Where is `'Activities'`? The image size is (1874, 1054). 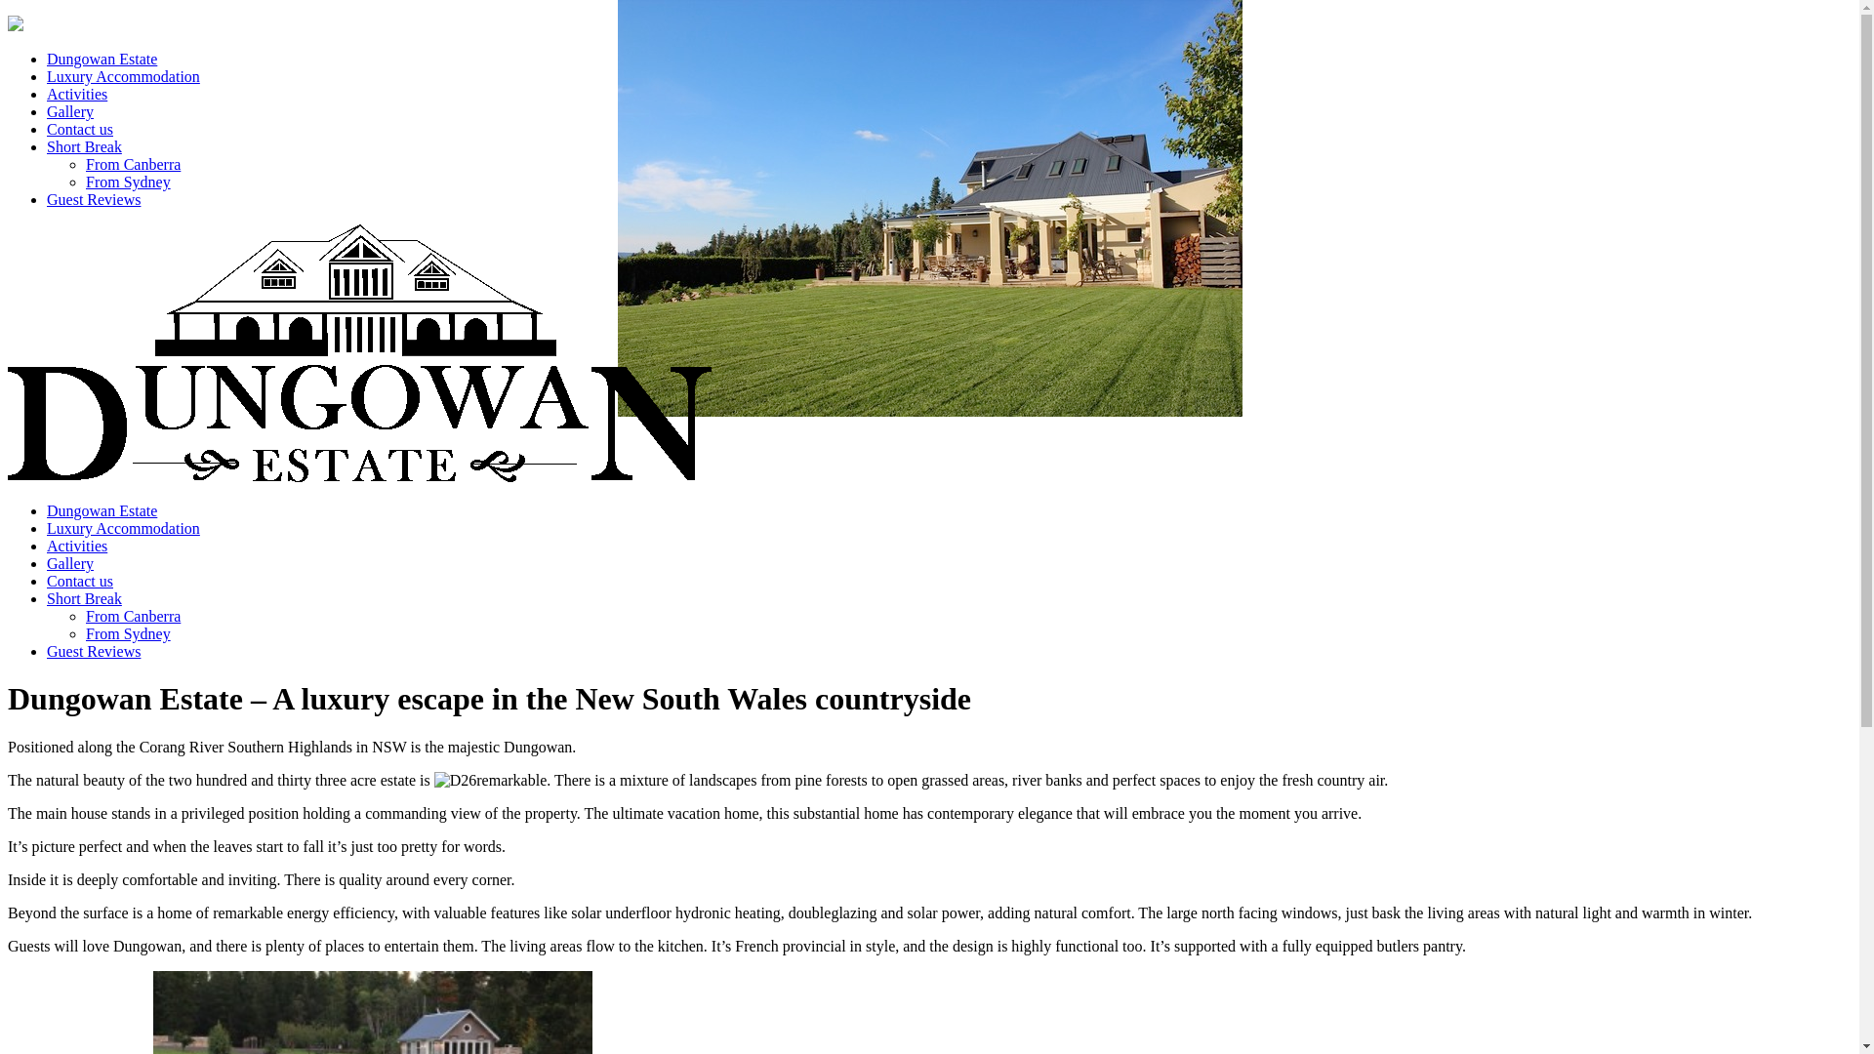
'Activities' is located at coordinates (76, 94).